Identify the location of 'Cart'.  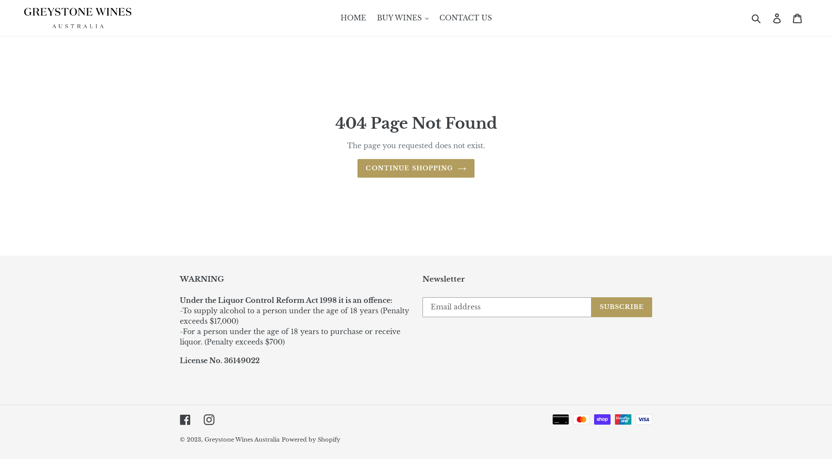
(788, 18).